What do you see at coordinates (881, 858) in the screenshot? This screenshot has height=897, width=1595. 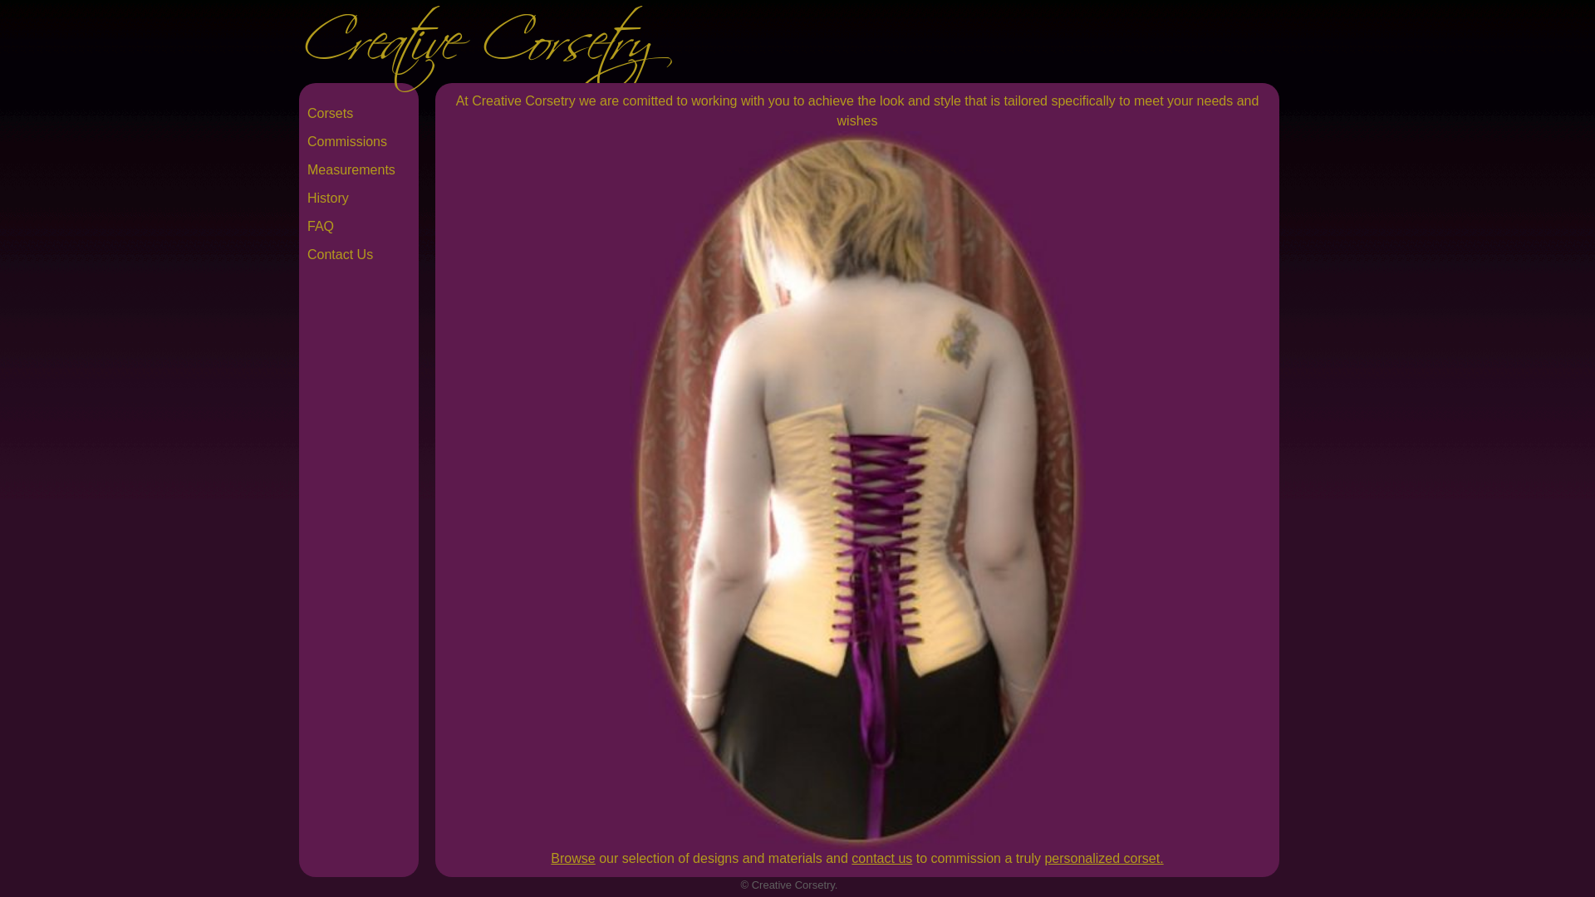 I see `'contact us'` at bounding box center [881, 858].